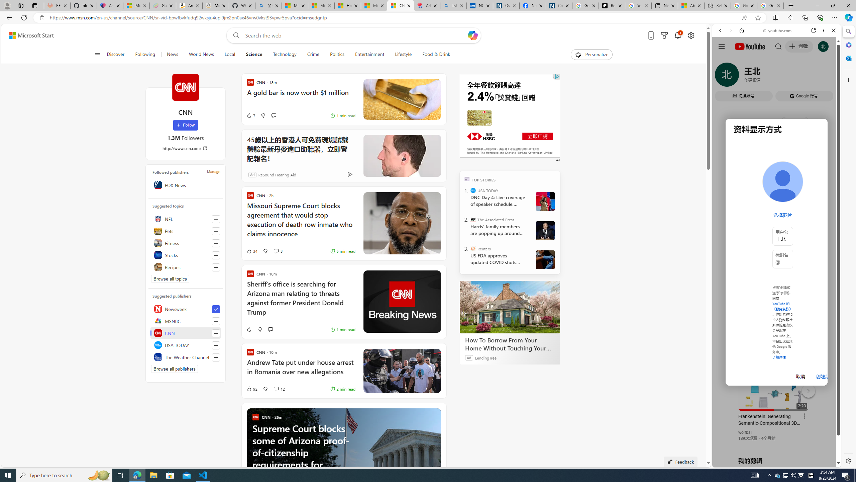 Image resolution: width=856 pixels, height=482 pixels. I want to click on 'News', so click(172, 54).